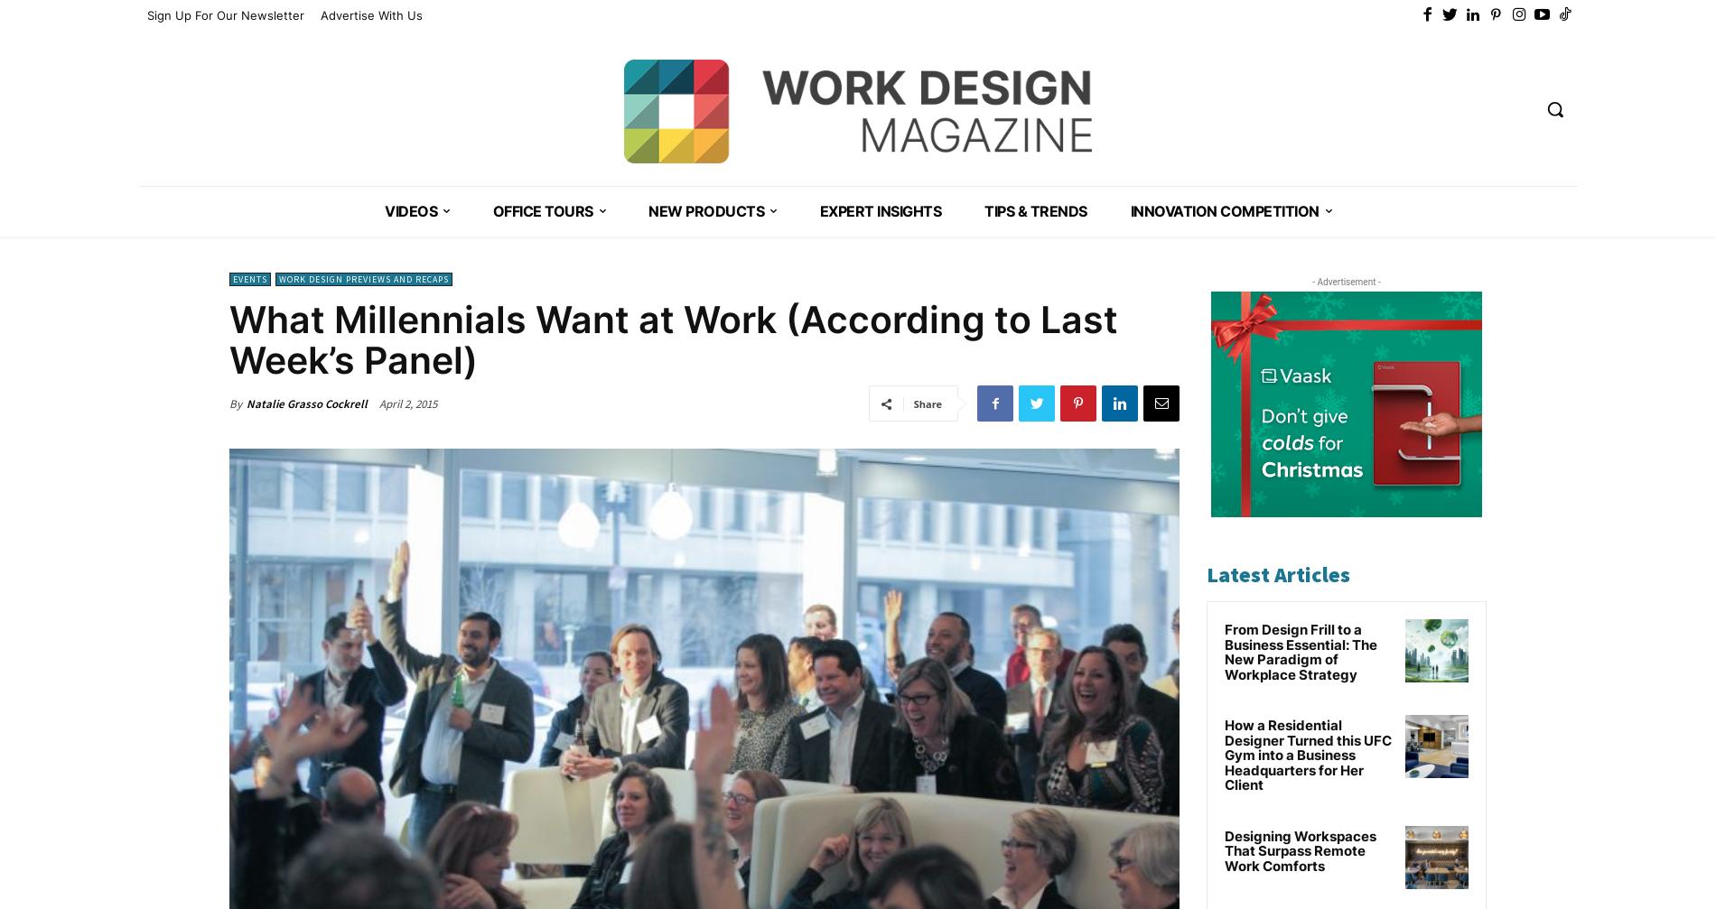  Describe the element at coordinates (1035, 211) in the screenshot. I see `'Tips & Trends'` at that location.